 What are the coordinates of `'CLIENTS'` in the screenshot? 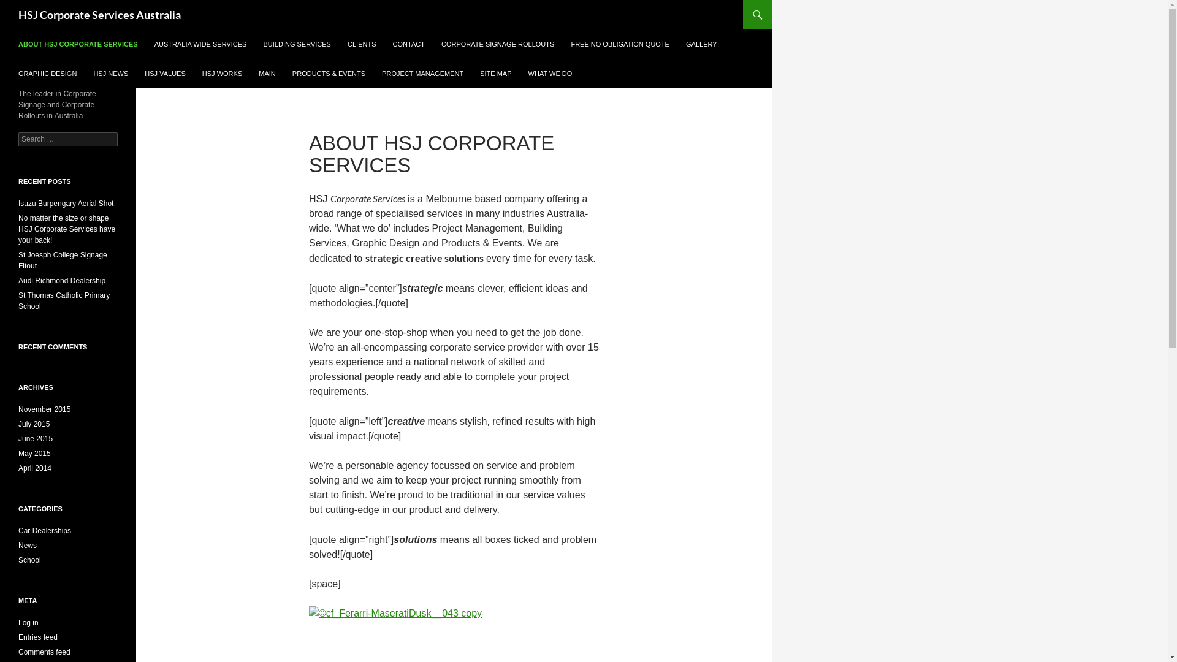 It's located at (340, 44).